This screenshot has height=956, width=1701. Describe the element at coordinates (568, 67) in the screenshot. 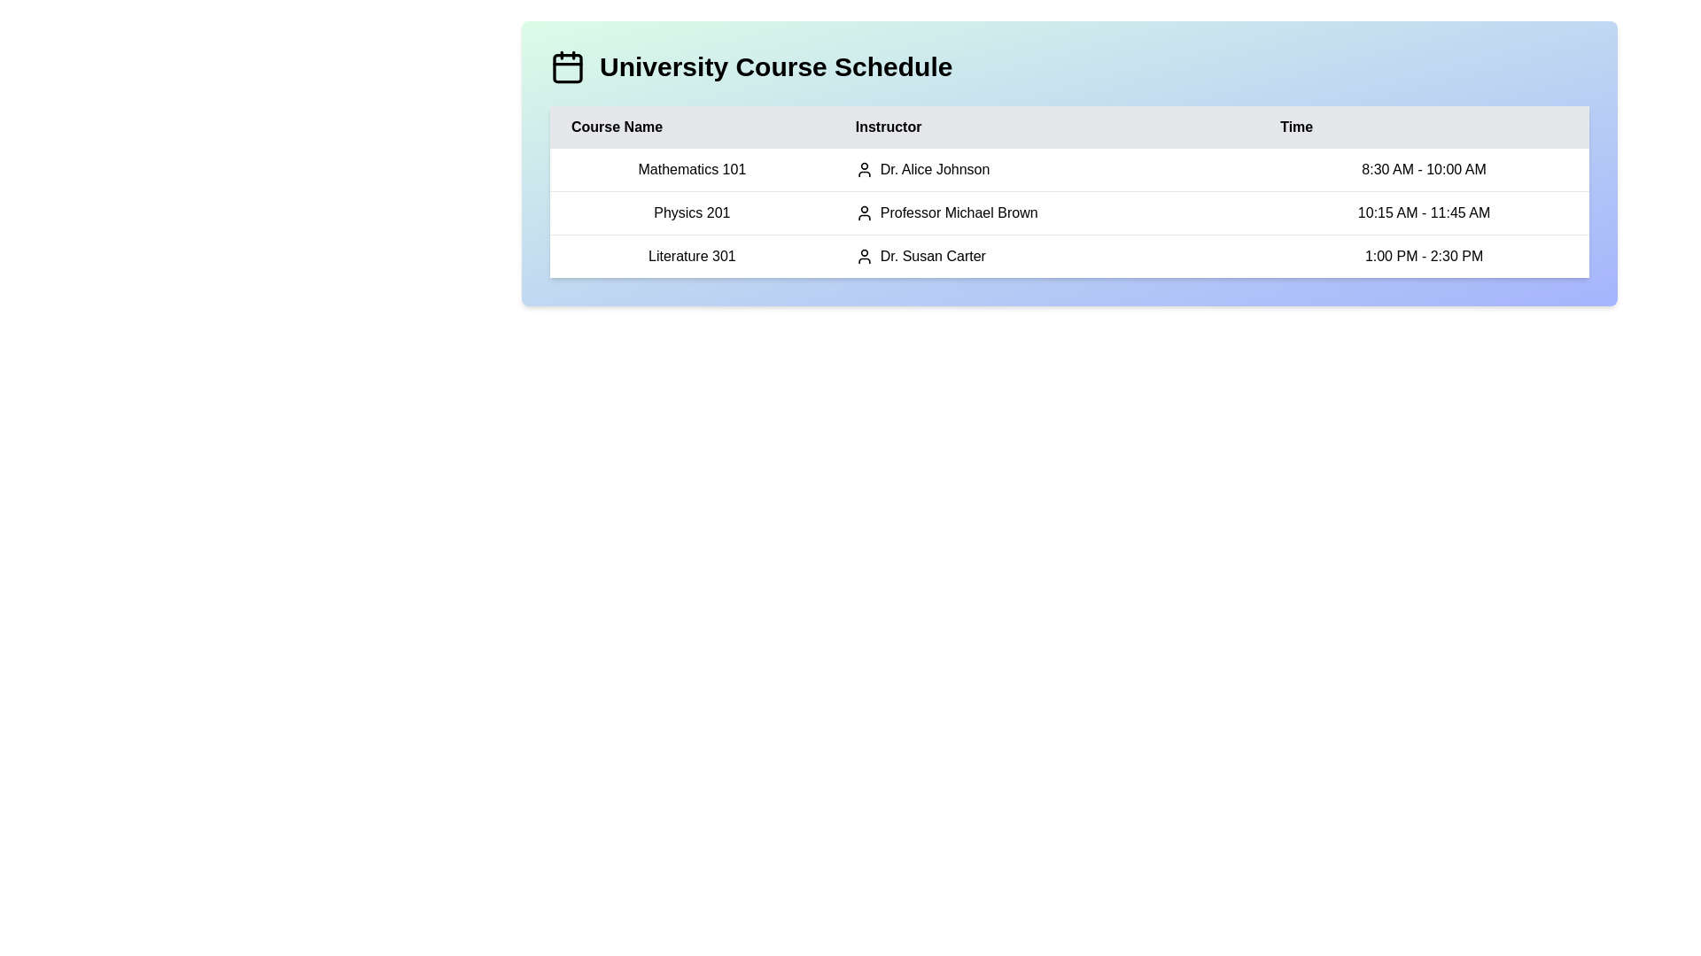

I see `the calendar icon, which is a red rounded rectangle centrally positioned within the calendar symbol, located in the top-left corner of the course schedule card` at that location.